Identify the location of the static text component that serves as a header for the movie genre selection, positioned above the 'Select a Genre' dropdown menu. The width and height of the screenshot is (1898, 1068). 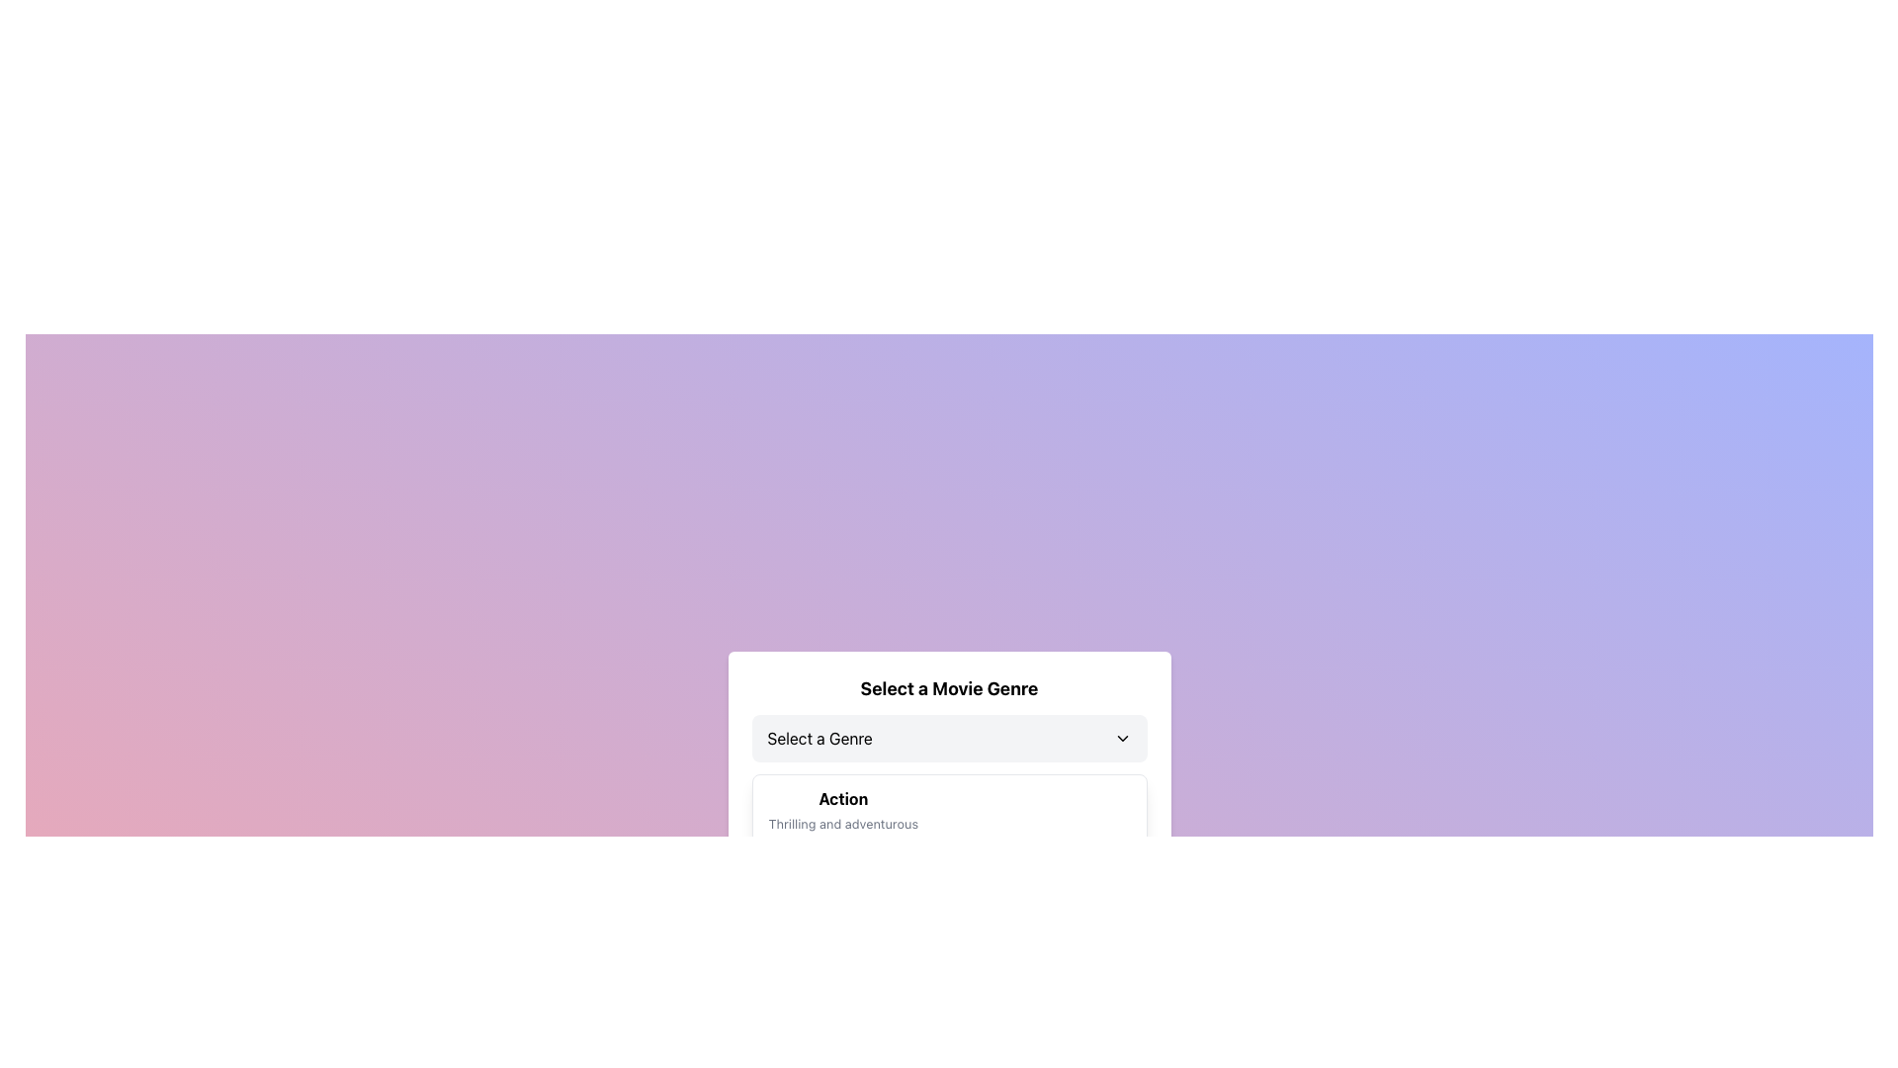
(949, 688).